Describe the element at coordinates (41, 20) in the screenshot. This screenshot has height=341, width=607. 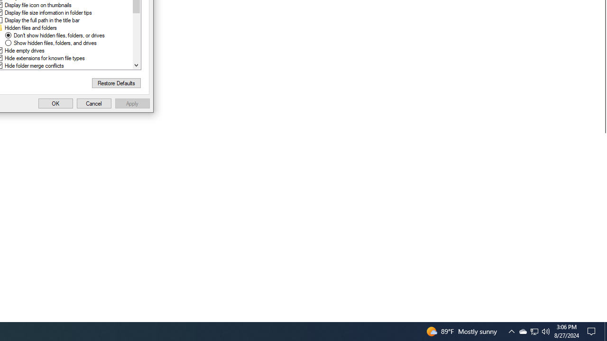
I see `'Display the full path in the title bar'` at that location.